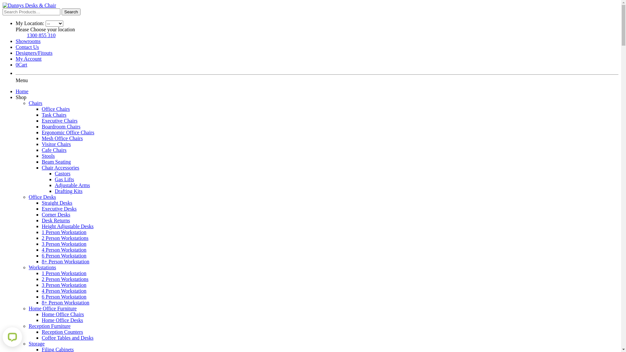 This screenshot has width=626, height=352. What do you see at coordinates (41, 320) in the screenshot?
I see `'Home Office Desks'` at bounding box center [41, 320].